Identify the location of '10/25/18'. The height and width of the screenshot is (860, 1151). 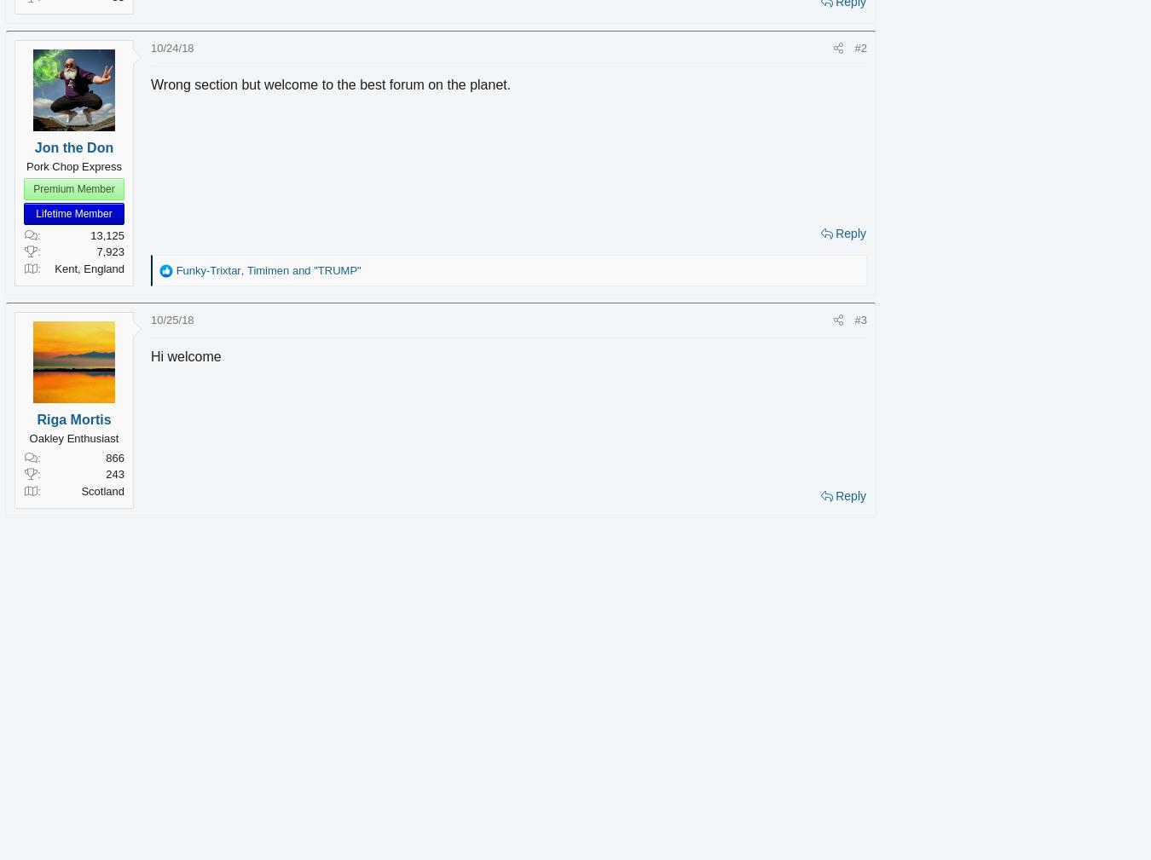
(195, 319).